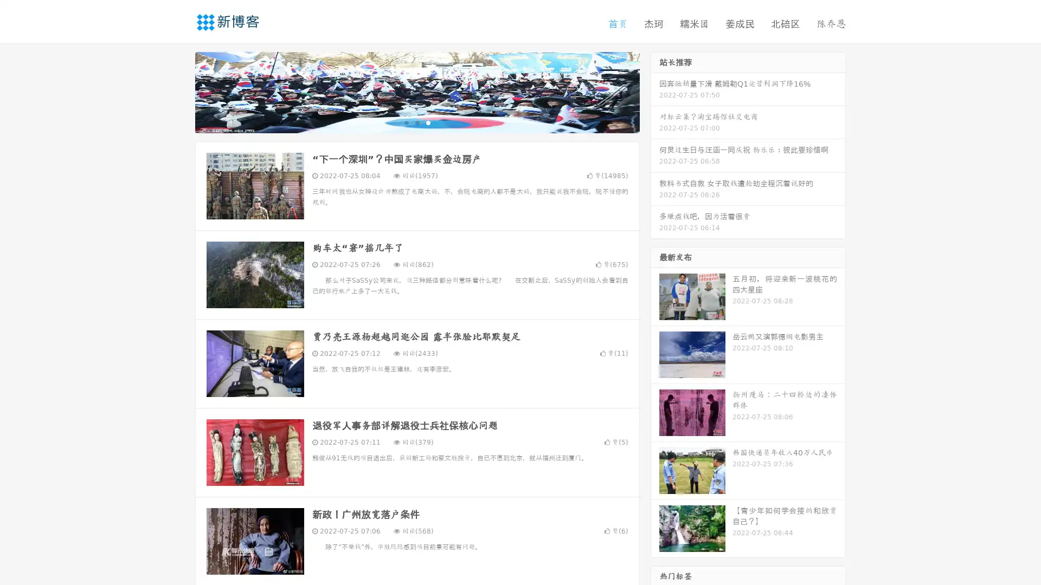 This screenshot has width=1041, height=585. What do you see at coordinates (428, 122) in the screenshot?
I see `Go to slide 3` at bounding box center [428, 122].